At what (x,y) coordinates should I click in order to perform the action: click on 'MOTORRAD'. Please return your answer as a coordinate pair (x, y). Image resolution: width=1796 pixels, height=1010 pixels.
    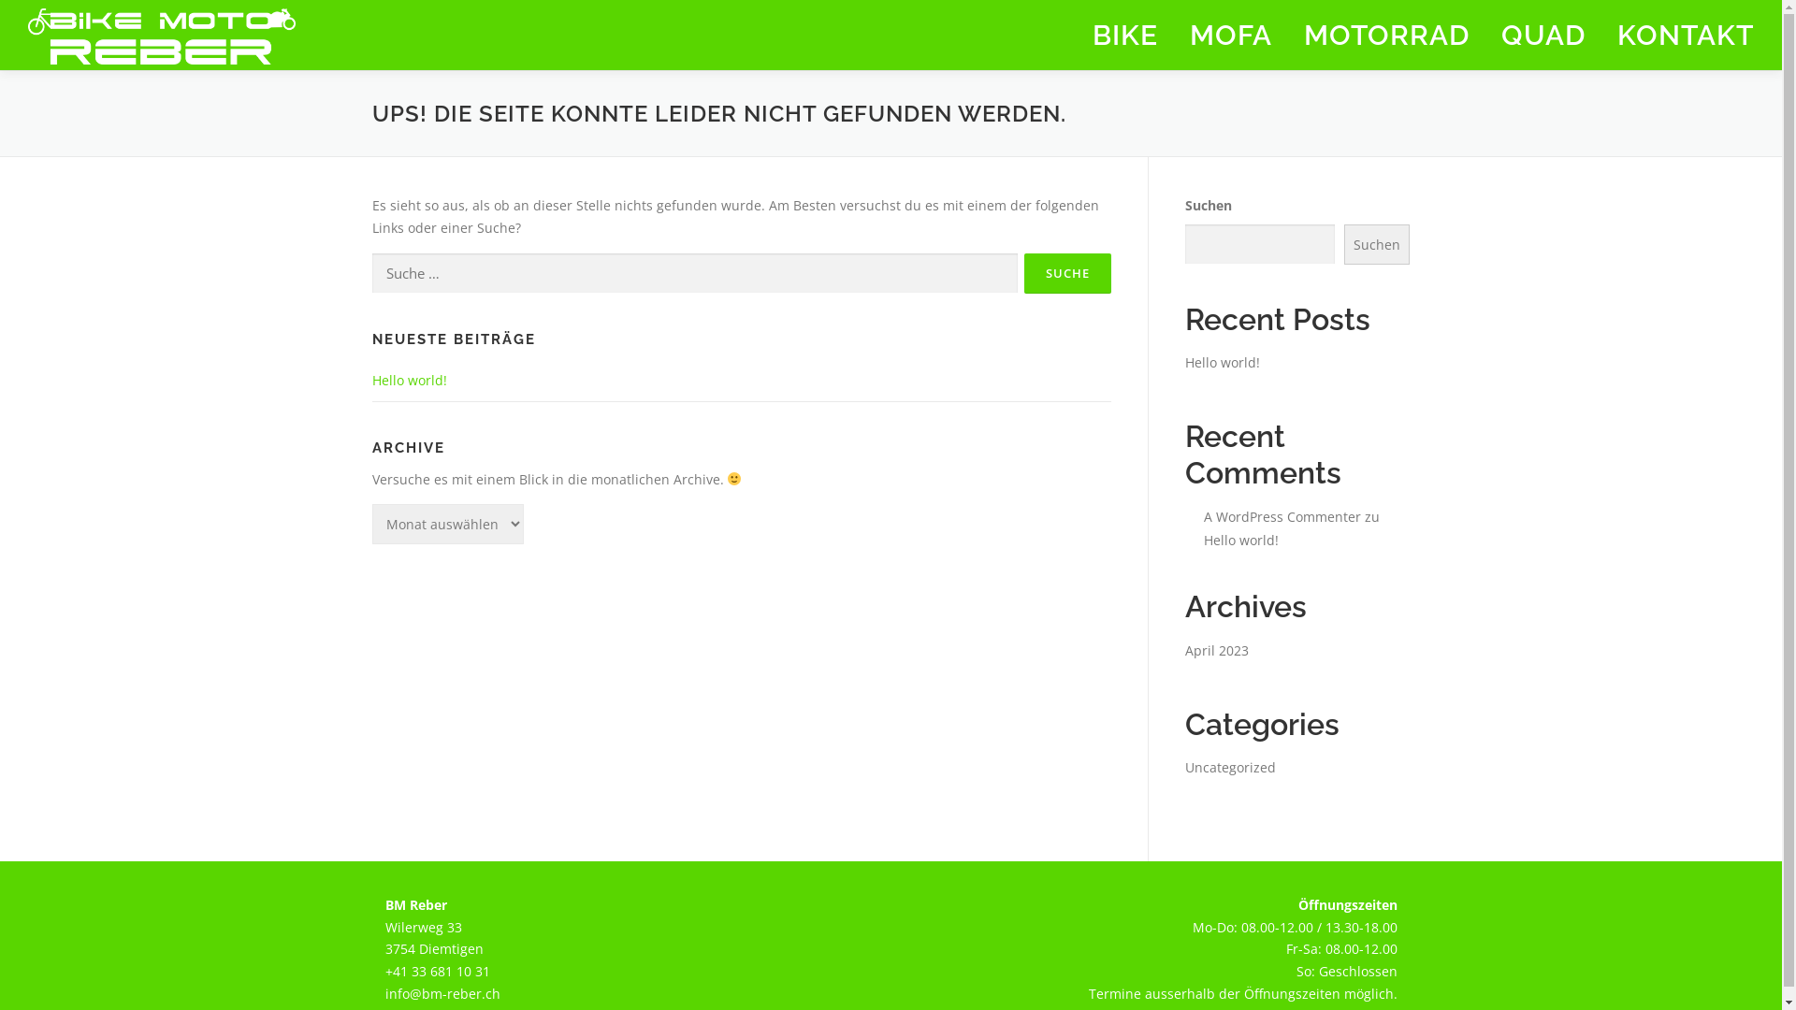
    Looking at the image, I should click on (1386, 35).